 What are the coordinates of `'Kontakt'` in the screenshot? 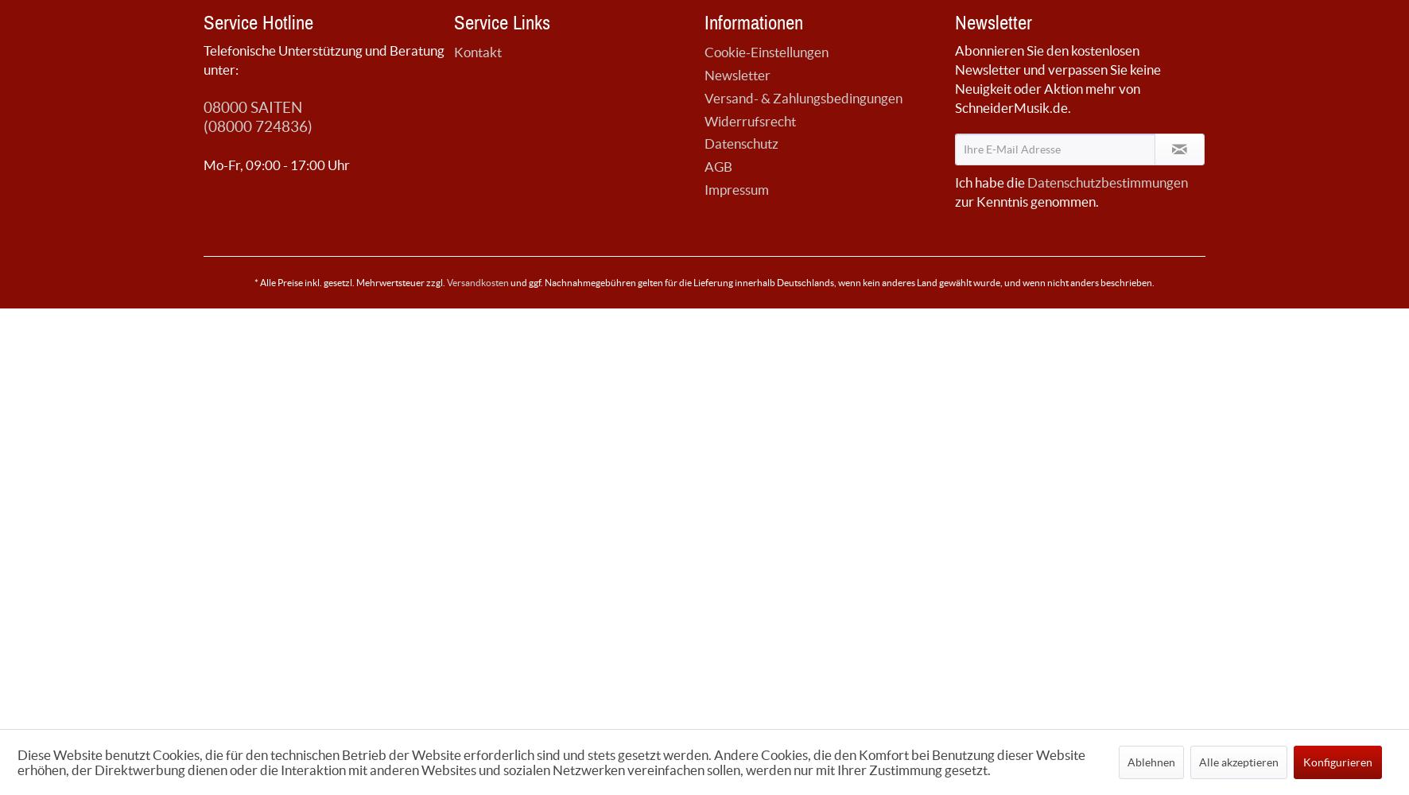 It's located at (478, 50).